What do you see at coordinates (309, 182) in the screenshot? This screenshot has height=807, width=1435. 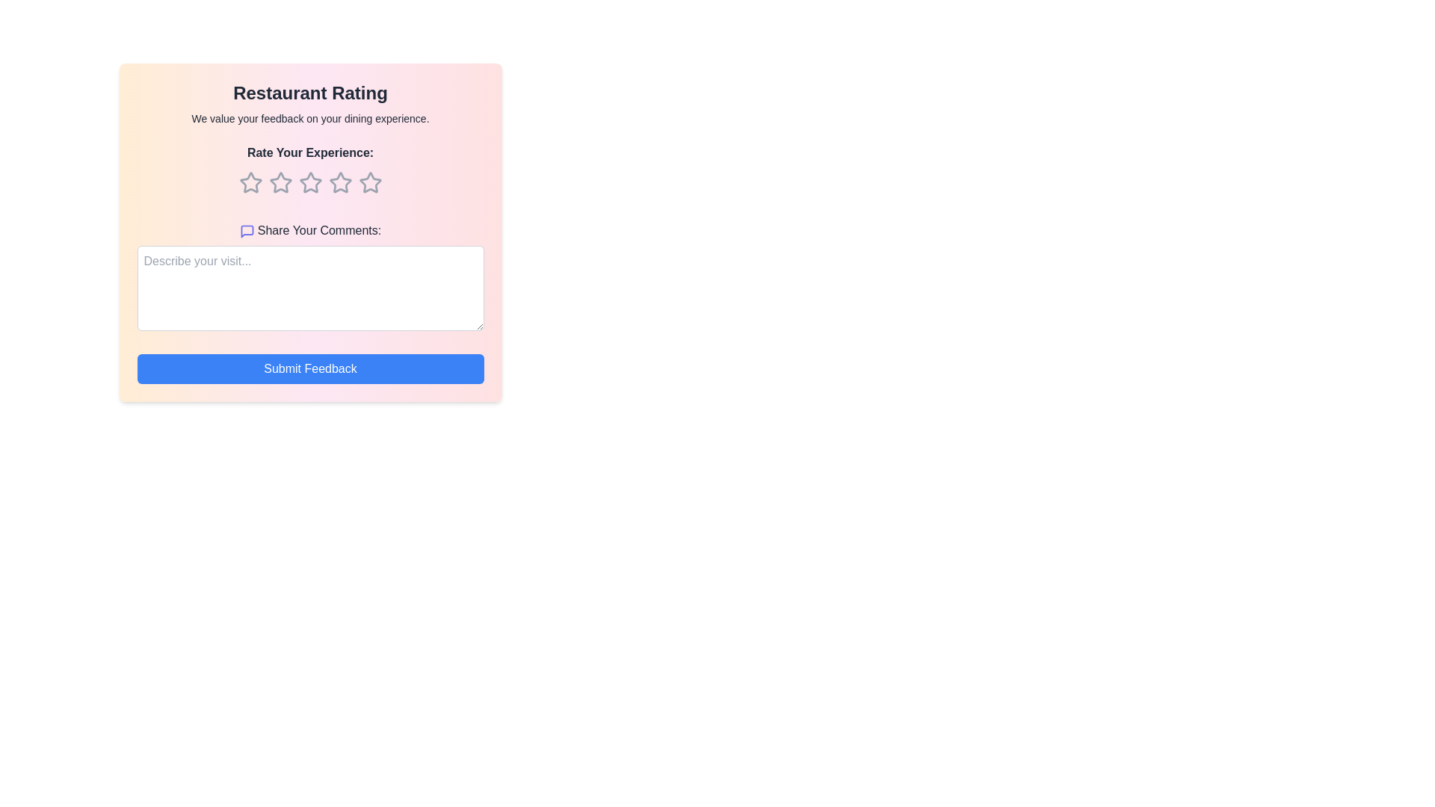 I see `the second star icon in the rating scale` at bounding box center [309, 182].